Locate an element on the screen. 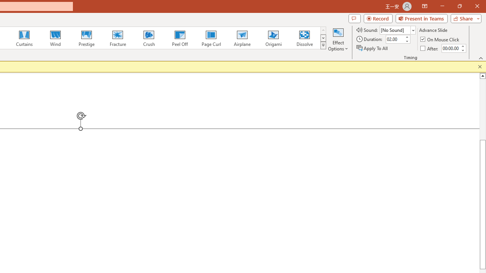  'Effect Options' is located at coordinates (338, 39).